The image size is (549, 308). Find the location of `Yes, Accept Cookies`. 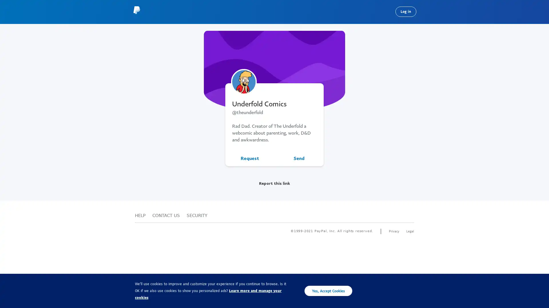

Yes, Accept Cookies is located at coordinates (328, 291).